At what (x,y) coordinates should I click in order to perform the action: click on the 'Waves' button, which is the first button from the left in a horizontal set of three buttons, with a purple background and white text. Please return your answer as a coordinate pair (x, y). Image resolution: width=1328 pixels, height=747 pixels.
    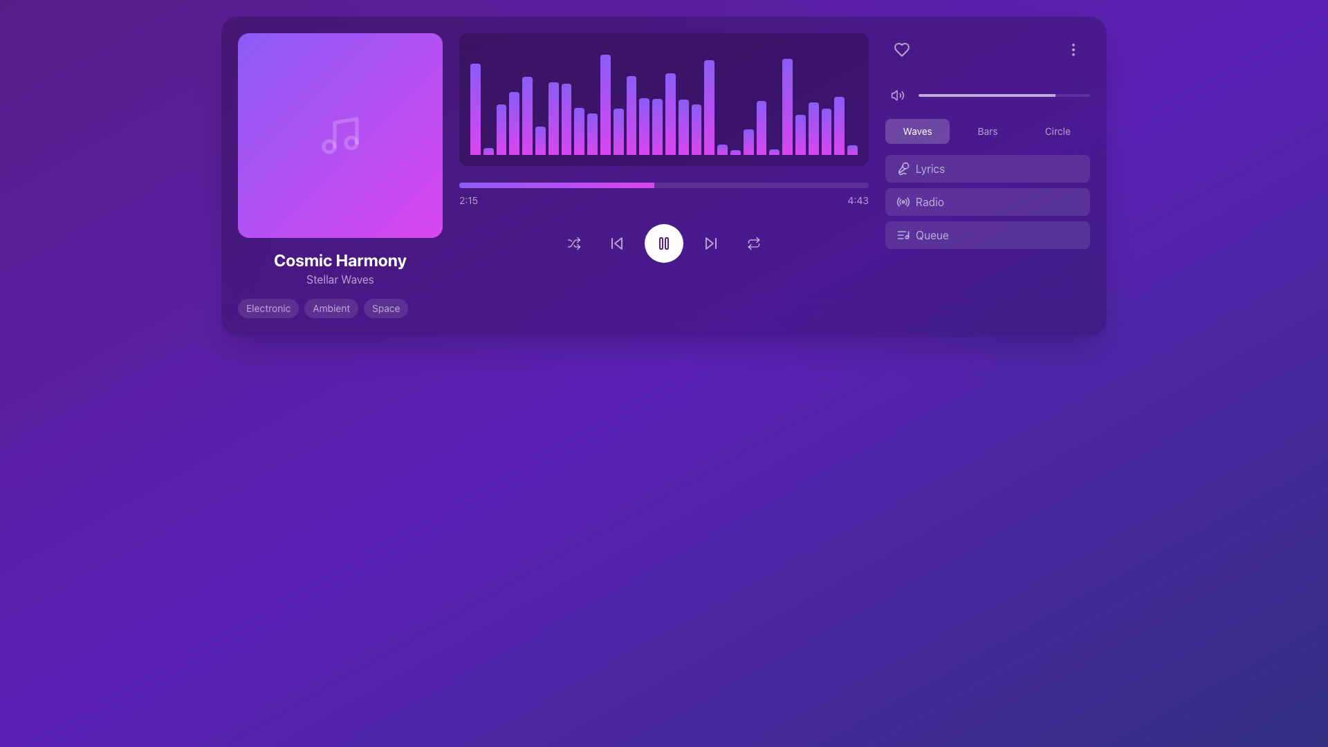
    Looking at the image, I should click on (917, 131).